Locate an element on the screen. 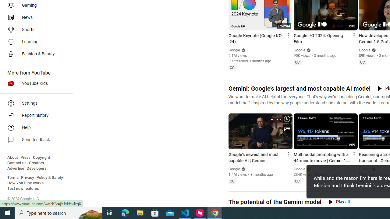 Image resolution: width=390 pixels, height=219 pixels. 'Policy & Safety' is located at coordinates (50, 178).